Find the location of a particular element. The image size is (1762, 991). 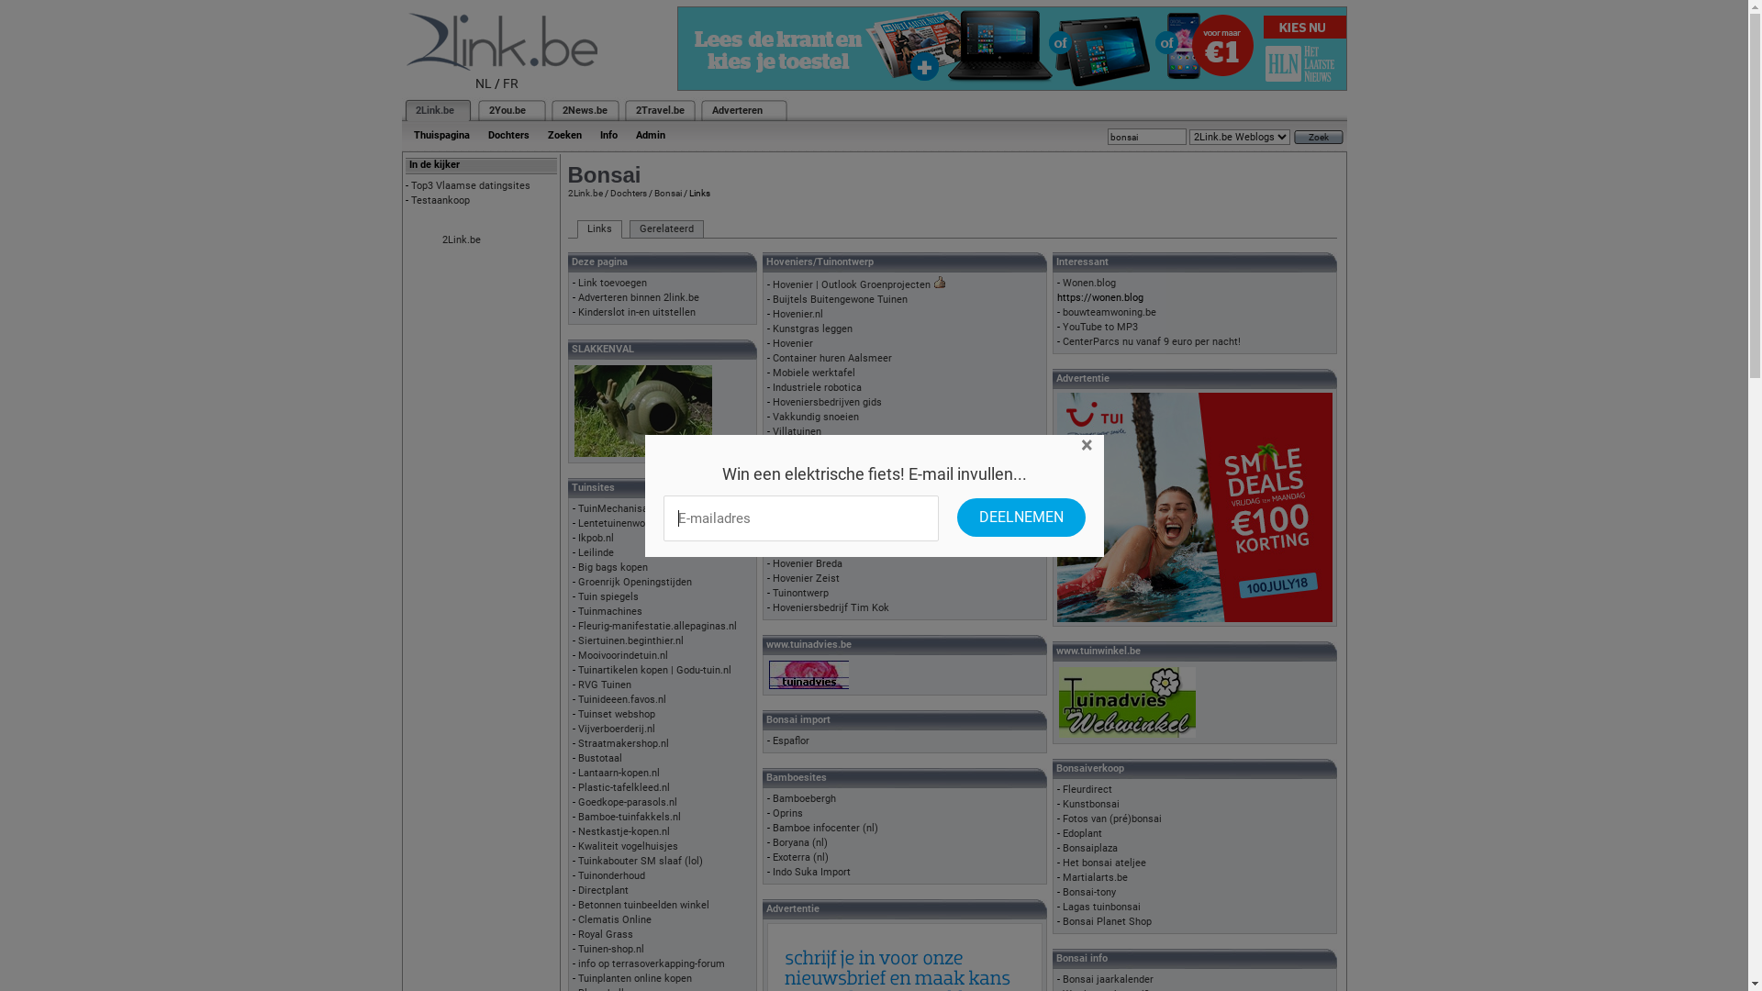

'Bonsaiplaza' is located at coordinates (1062, 848).